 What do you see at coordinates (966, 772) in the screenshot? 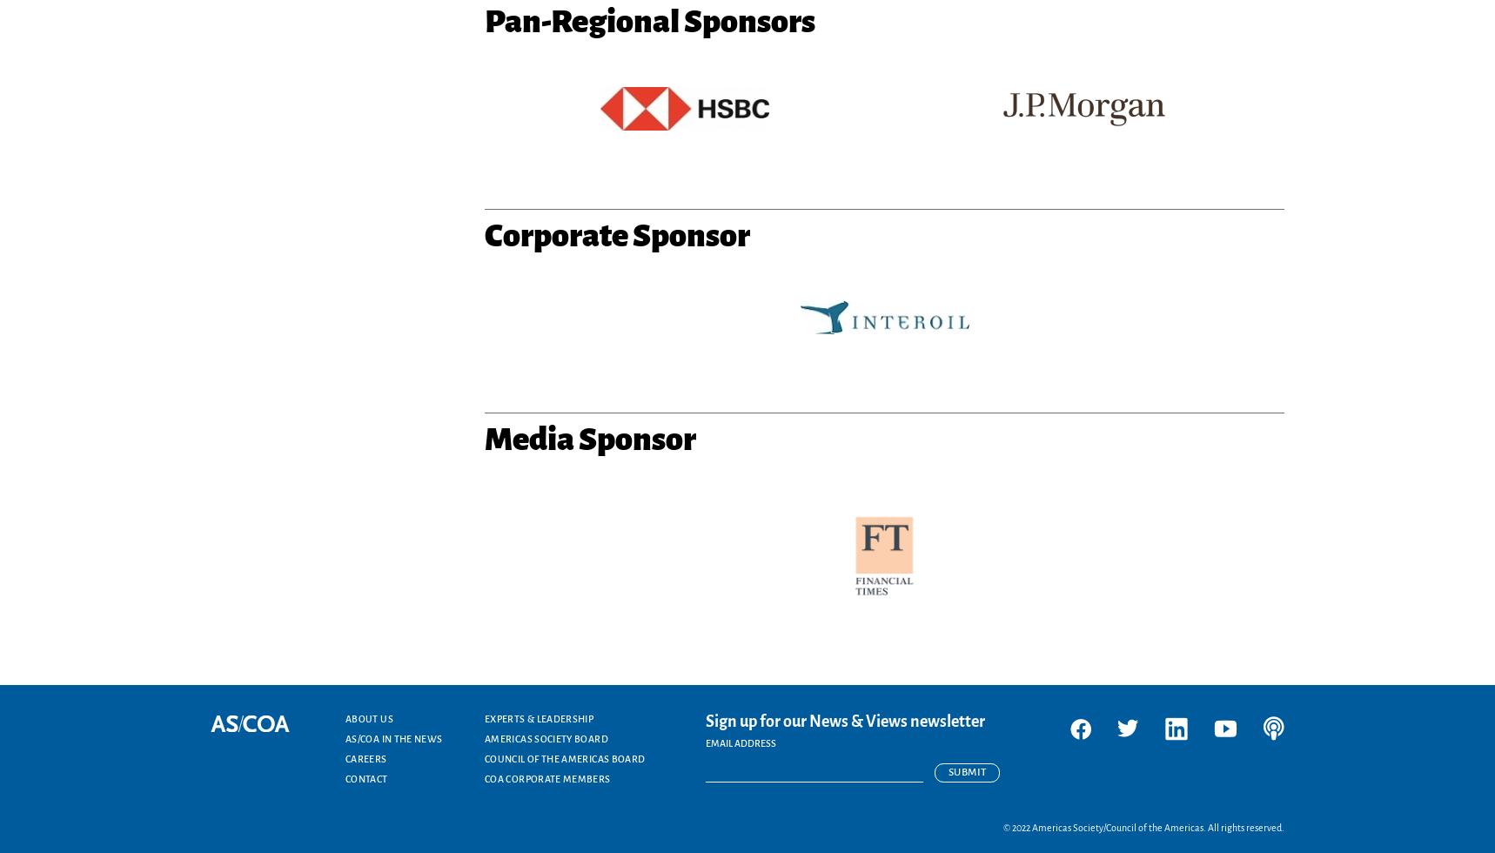
I see `'Submit'` at bounding box center [966, 772].